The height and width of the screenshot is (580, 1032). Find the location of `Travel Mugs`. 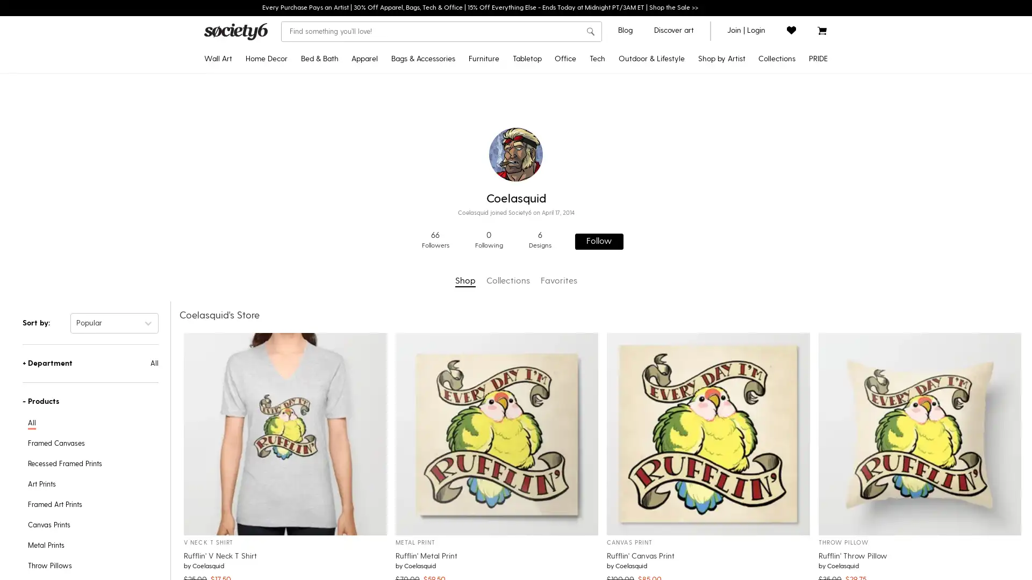

Travel Mugs is located at coordinates (665, 155).